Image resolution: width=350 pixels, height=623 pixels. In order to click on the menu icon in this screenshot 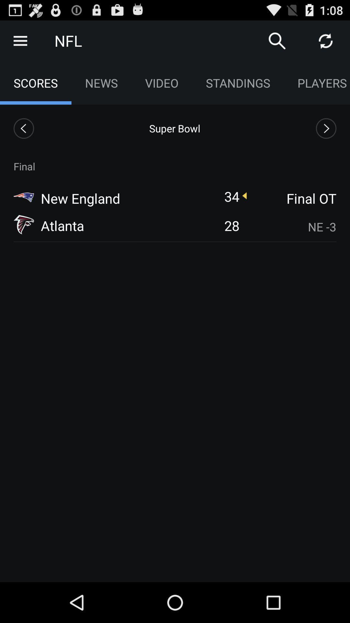, I will do `click(20, 43)`.